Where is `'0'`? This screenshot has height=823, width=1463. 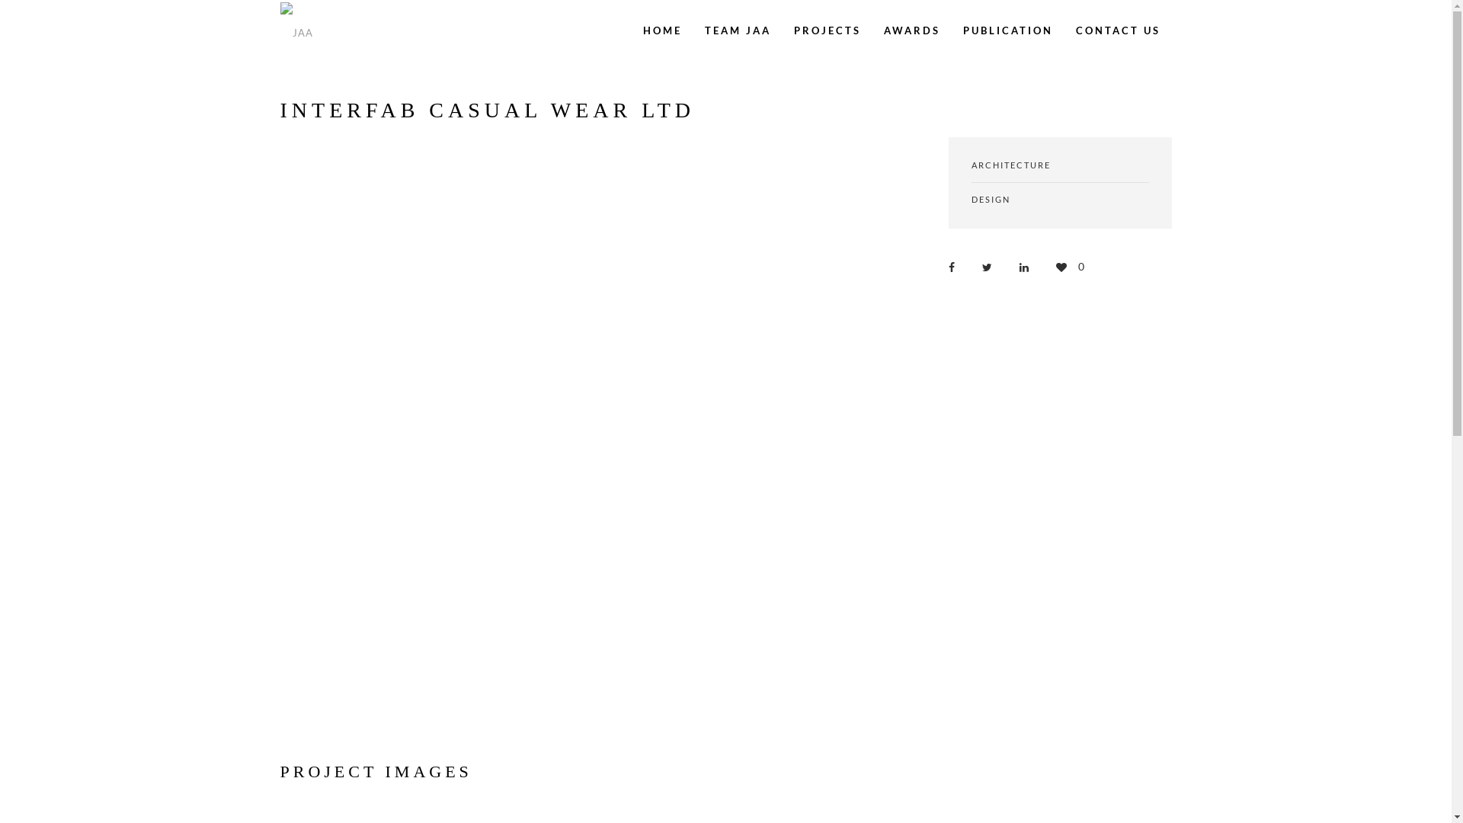 '0' is located at coordinates (1070, 265).